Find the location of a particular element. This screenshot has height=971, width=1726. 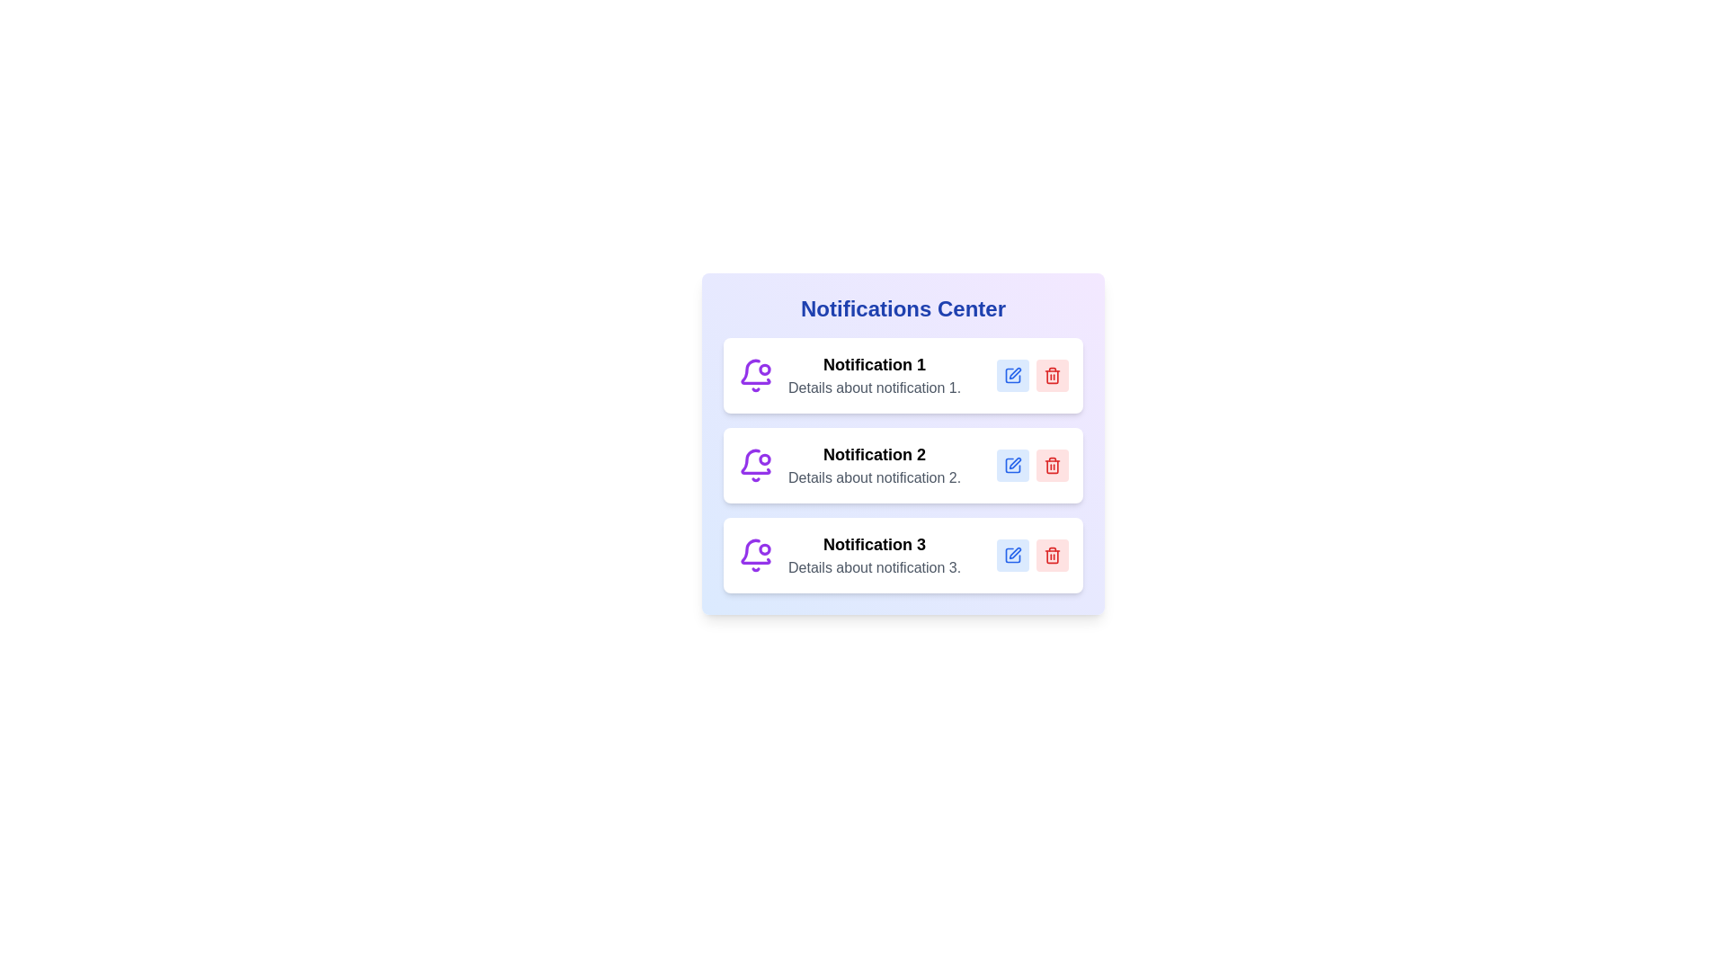

the edit button associated with 'Notification 2' is located at coordinates (1013, 464).